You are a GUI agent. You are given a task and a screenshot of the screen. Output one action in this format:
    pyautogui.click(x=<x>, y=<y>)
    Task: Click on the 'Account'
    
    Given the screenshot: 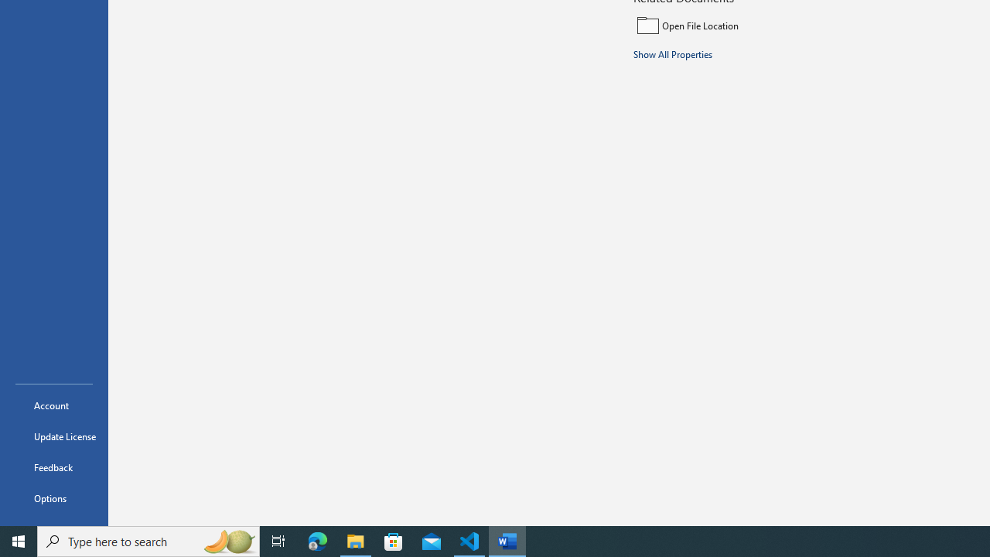 What is the action you would take?
    pyautogui.click(x=53, y=405)
    